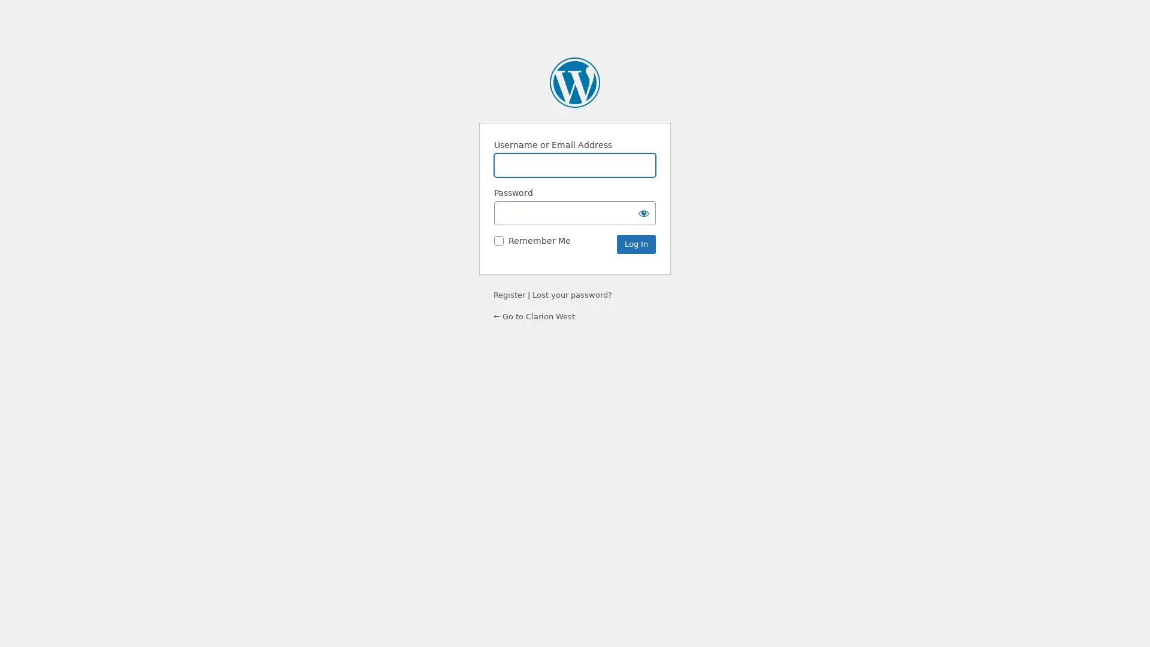 The image size is (1150, 647). What do you see at coordinates (635, 244) in the screenshot?
I see `Log In` at bounding box center [635, 244].